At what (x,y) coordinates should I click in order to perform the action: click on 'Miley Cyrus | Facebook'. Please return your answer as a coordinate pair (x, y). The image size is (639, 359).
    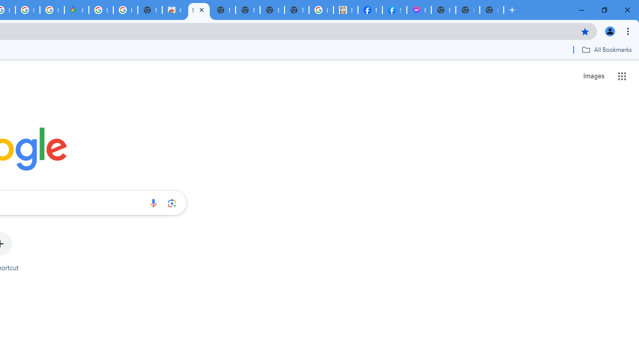
    Looking at the image, I should click on (369, 10).